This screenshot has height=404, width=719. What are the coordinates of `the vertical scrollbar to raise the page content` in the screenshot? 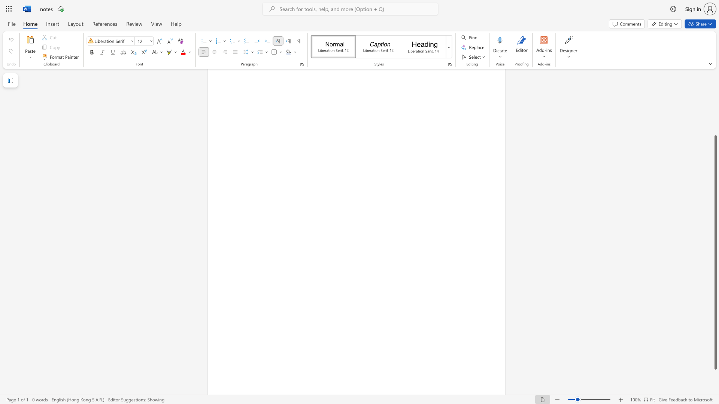 It's located at (715, 108).